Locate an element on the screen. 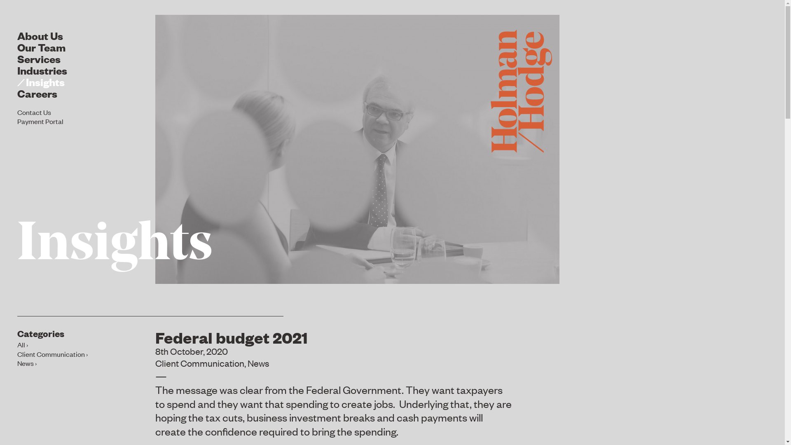 Image resolution: width=791 pixels, height=445 pixels. 'Contact Us' is located at coordinates (17, 111).